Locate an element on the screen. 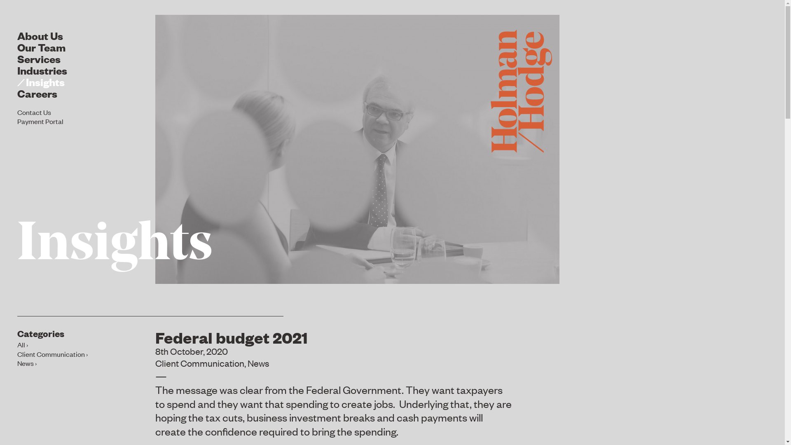 Image resolution: width=791 pixels, height=445 pixels. 'Contact Us' is located at coordinates (17, 111).